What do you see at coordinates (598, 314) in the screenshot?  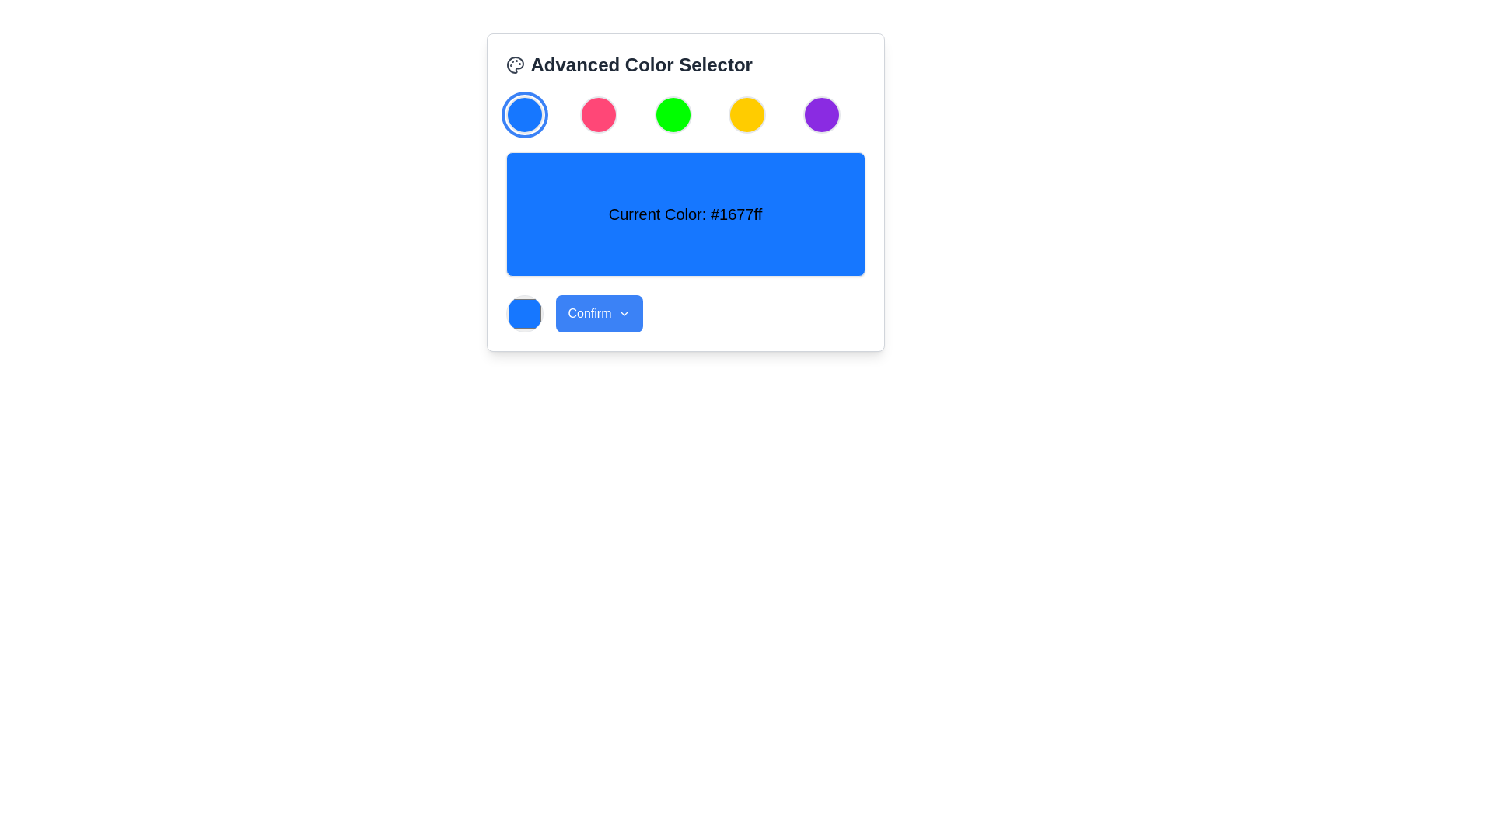 I see `the 'Confirm' button with a blue background and white text` at bounding box center [598, 314].